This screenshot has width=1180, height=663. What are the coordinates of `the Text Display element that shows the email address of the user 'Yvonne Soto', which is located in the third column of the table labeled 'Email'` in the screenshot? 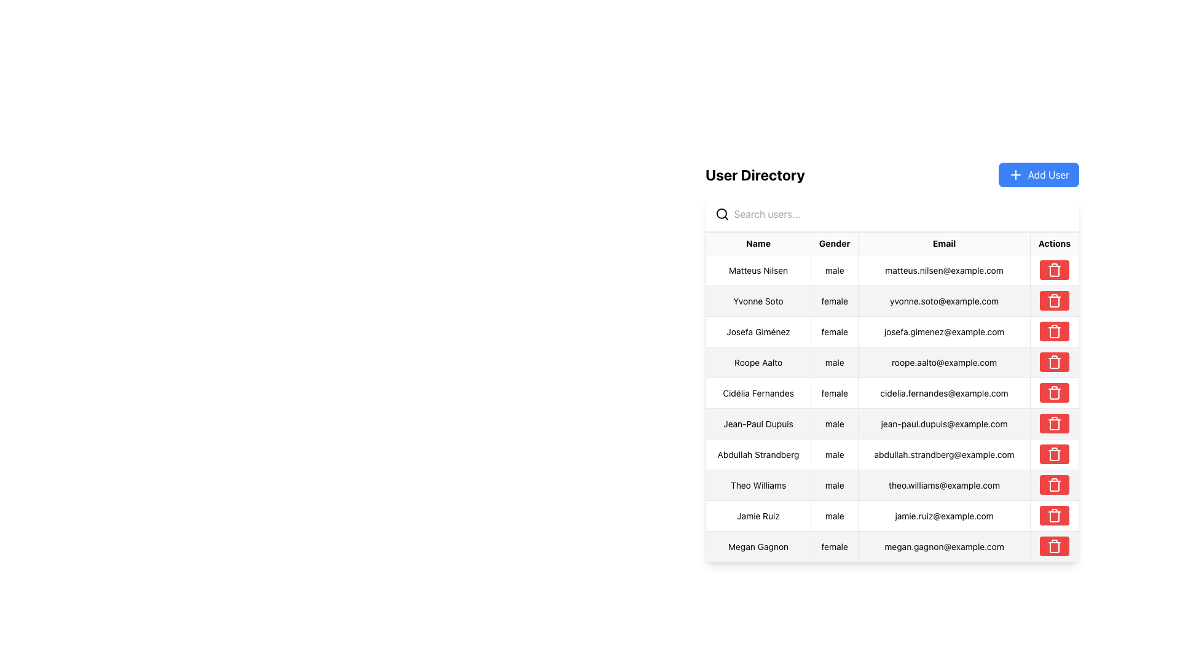 It's located at (943, 301).